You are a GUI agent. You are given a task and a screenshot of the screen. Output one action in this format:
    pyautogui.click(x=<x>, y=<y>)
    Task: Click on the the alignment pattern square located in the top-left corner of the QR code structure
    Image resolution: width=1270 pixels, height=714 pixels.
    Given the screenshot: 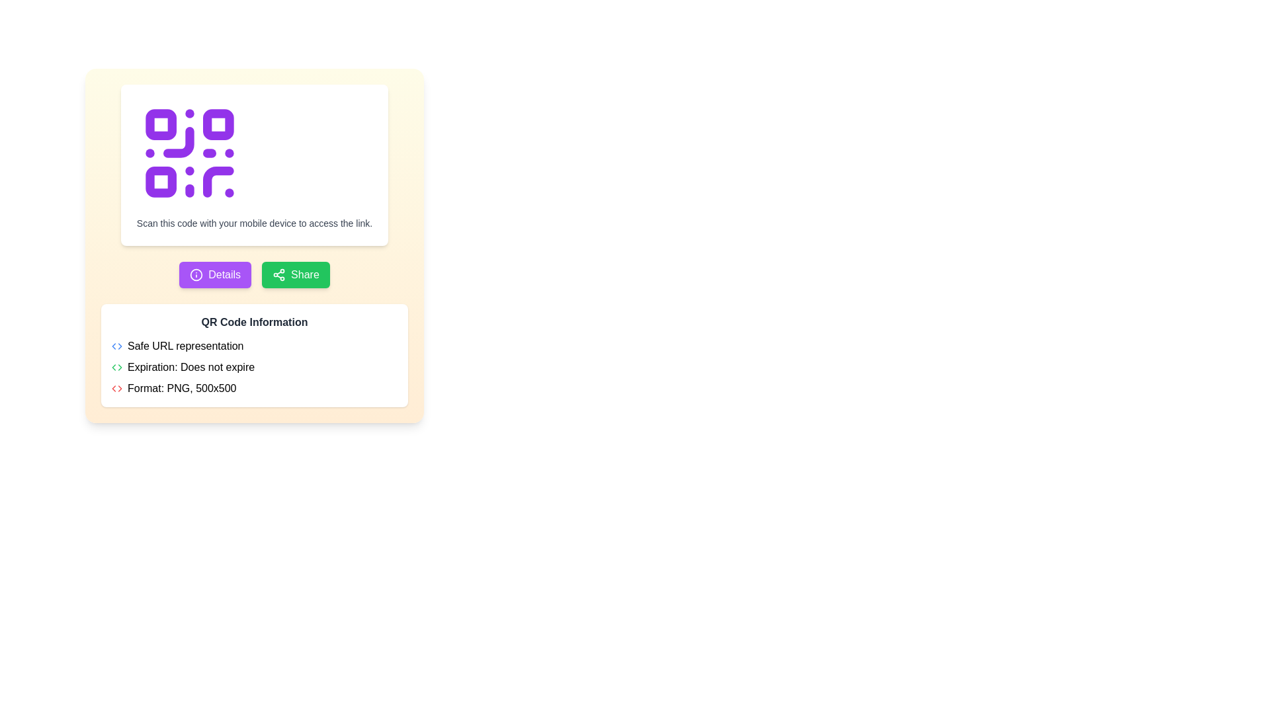 What is the action you would take?
    pyautogui.click(x=160, y=124)
    